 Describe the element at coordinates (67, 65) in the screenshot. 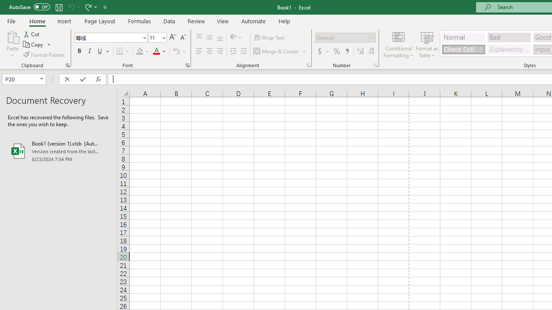

I see `'Office Clipboard...'` at that location.